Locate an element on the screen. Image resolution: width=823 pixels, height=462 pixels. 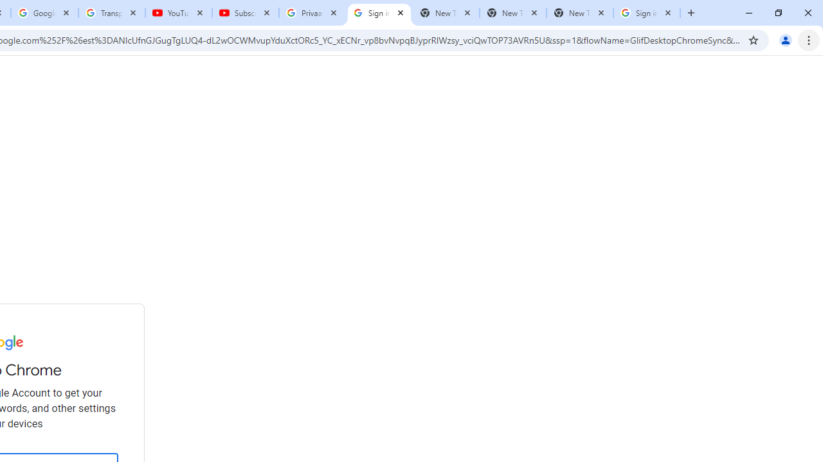
'Google Account' is located at coordinates (44, 13).